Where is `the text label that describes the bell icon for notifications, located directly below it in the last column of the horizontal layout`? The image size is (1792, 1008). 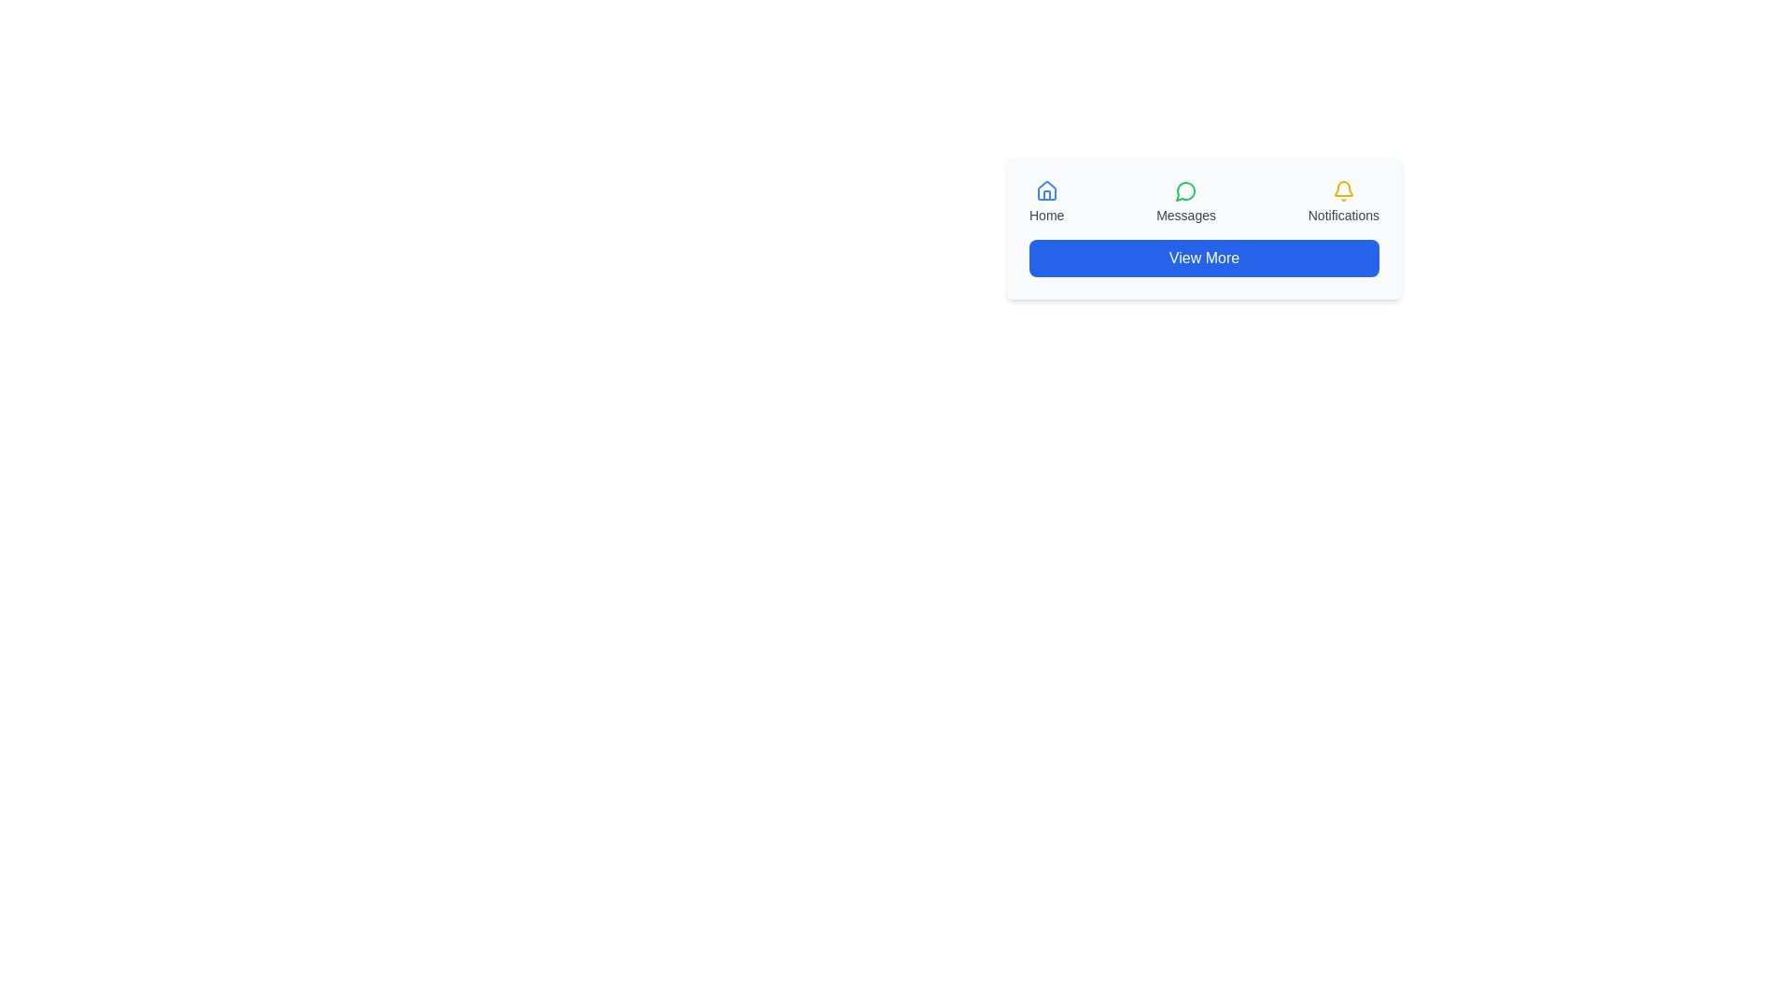
the text label that describes the bell icon for notifications, located directly below it in the last column of the horizontal layout is located at coordinates (1342, 215).